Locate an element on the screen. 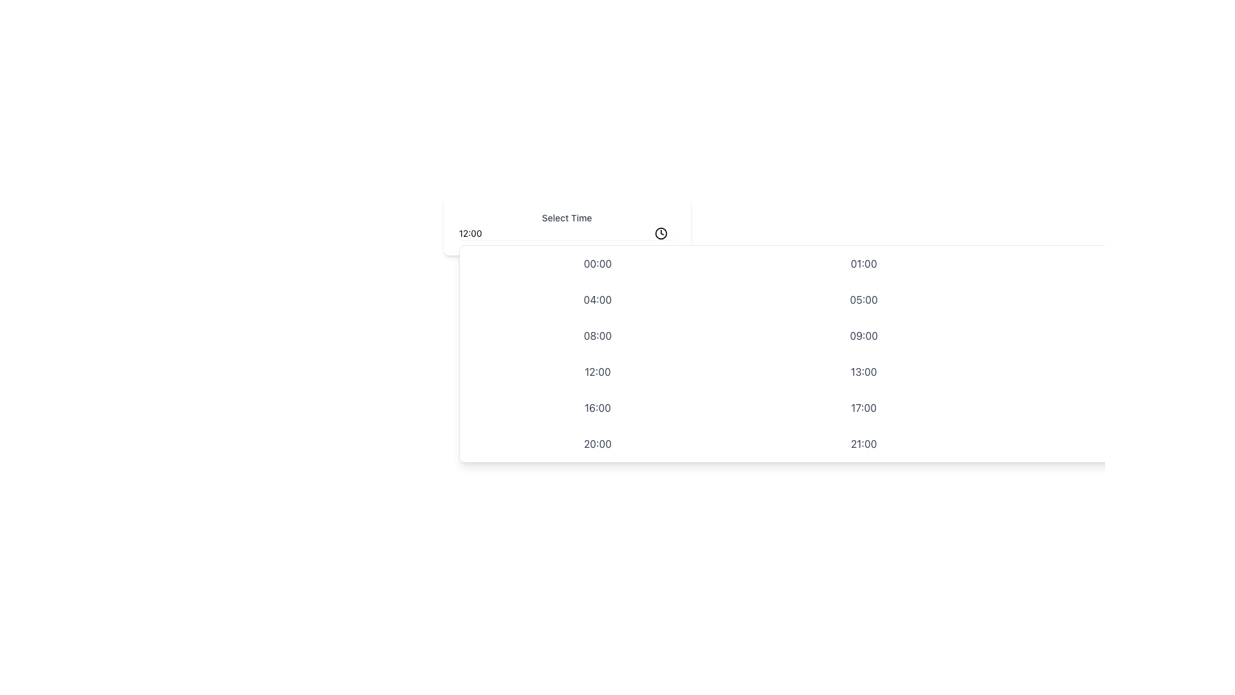  the selectable time option button representing '01:00' is located at coordinates (864, 263).